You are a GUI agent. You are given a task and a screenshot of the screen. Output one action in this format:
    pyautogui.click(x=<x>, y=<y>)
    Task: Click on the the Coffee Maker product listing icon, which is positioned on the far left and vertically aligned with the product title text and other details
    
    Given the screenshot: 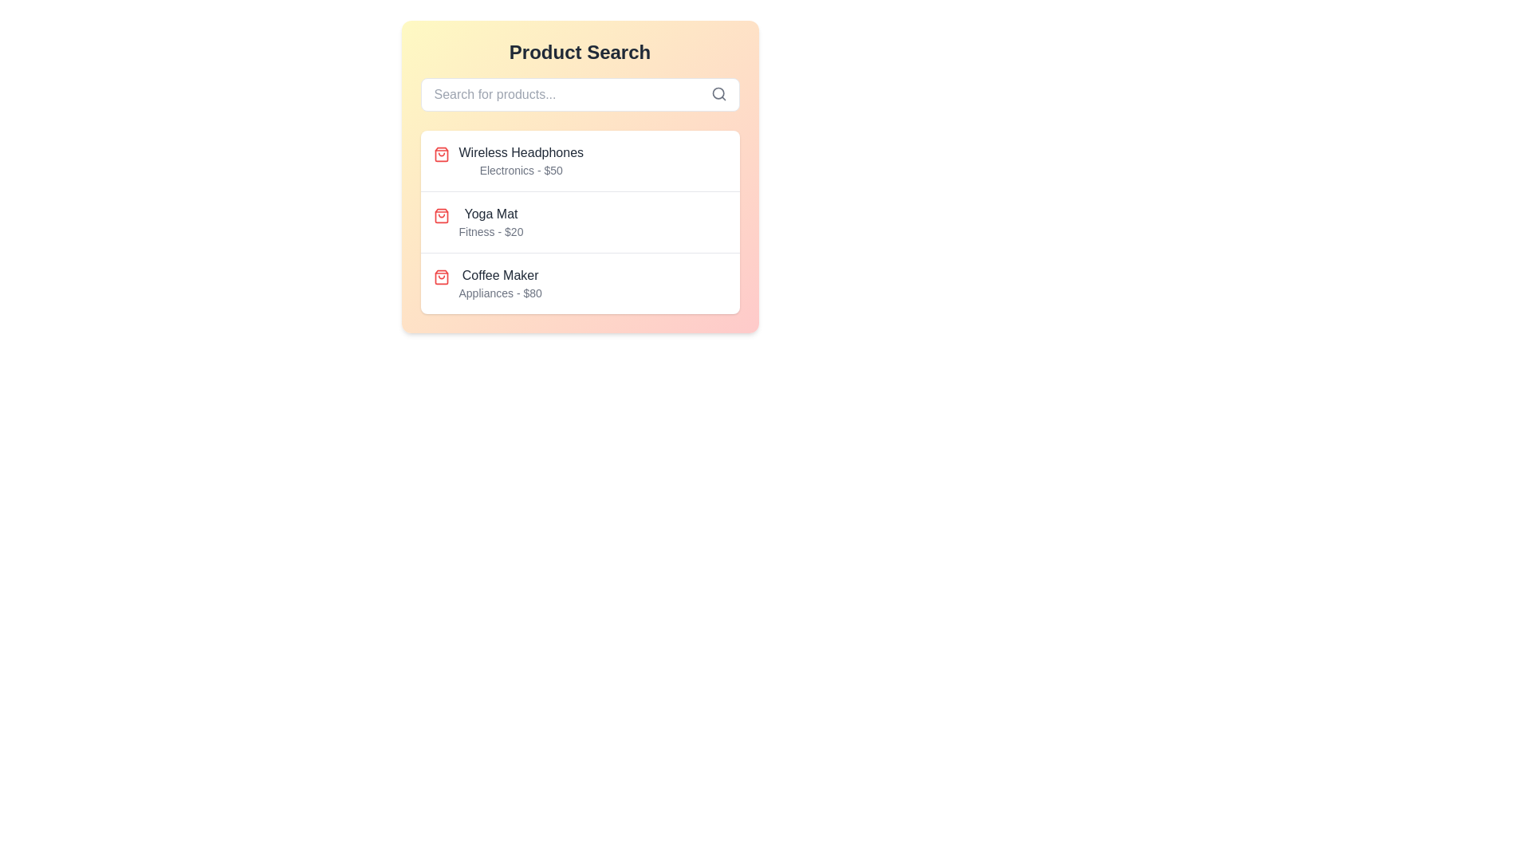 What is the action you would take?
    pyautogui.click(x=441, y=276)
    